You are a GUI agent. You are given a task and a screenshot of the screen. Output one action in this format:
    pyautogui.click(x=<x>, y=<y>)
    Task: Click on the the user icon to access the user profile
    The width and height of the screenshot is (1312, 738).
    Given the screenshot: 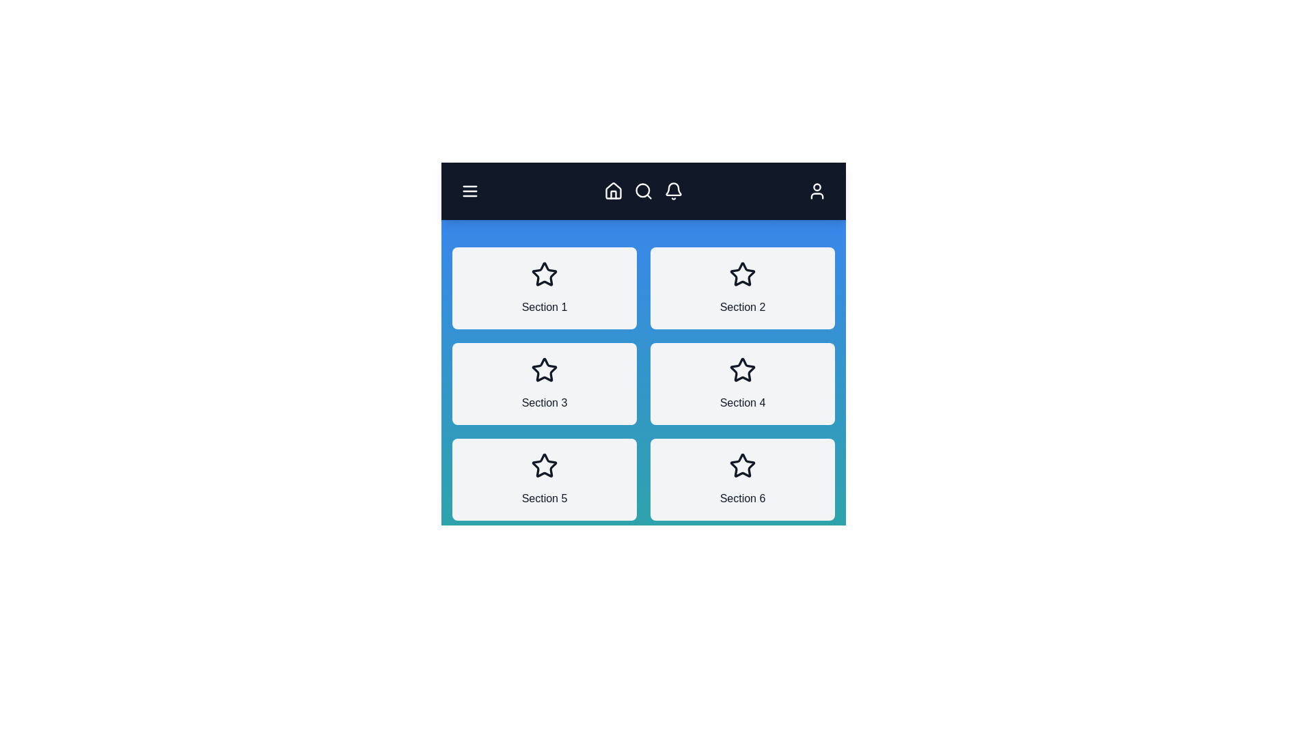 What is the action you would take?
    pyautogui.click(x=817, y=191)
    